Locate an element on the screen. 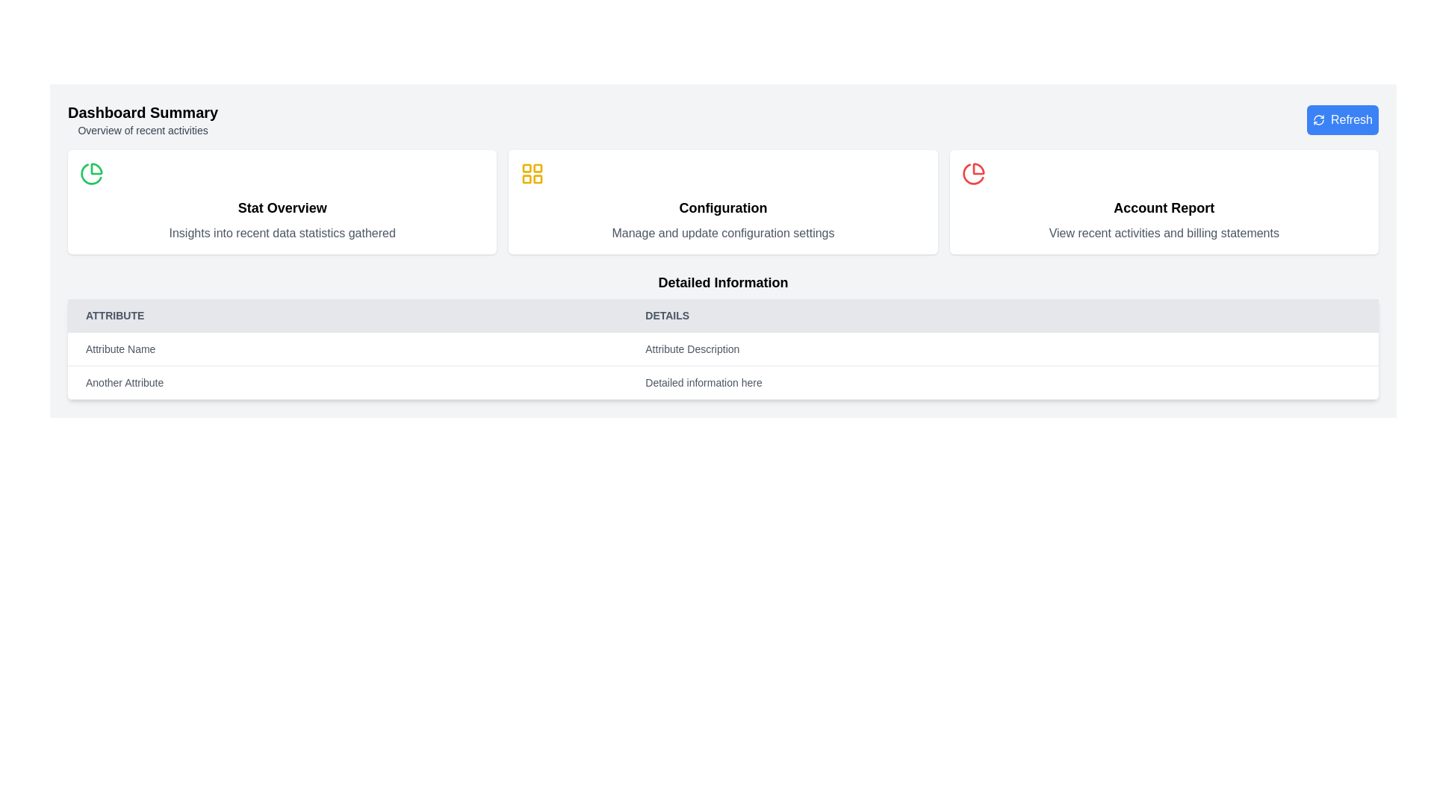 This screenshot has height=806, width=1434. the informational card in the rightmost column that provides a summary of account-related data is located at coordinates (1163, 201).